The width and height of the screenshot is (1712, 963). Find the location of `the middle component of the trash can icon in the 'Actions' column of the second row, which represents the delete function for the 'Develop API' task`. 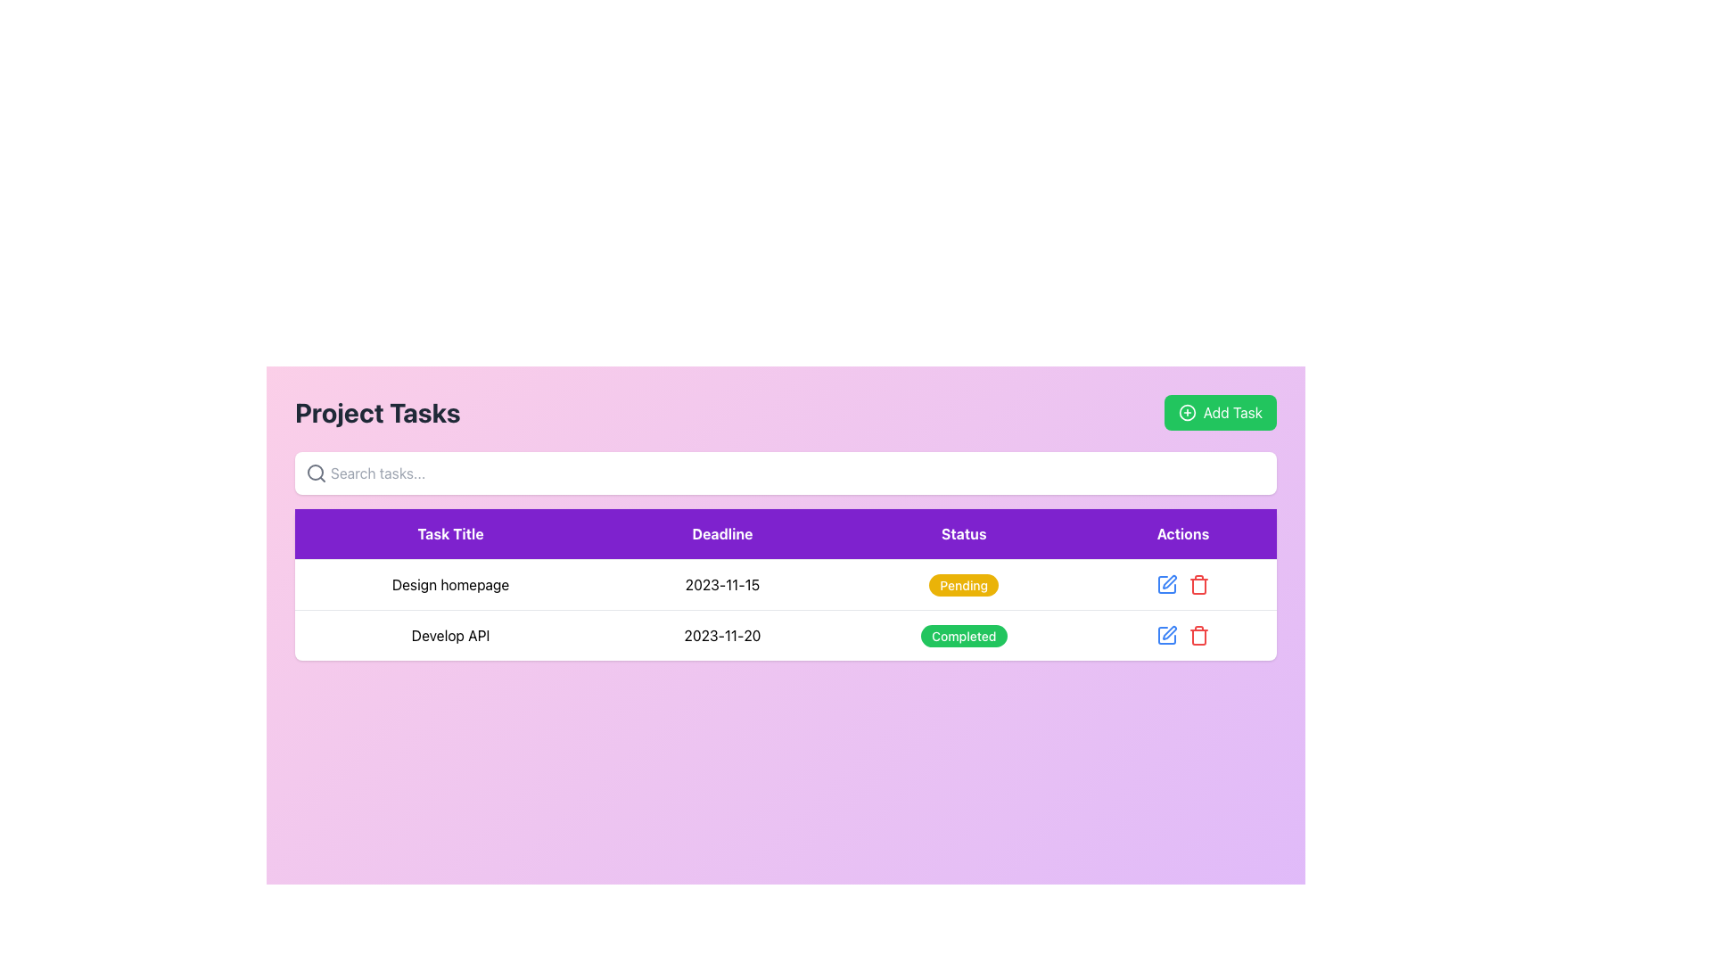

the middle component of the trash can icon in the 'Actions' column of the second row, which represents the delete function for the 'Develop API' task is located at coordinates (1198, 636).